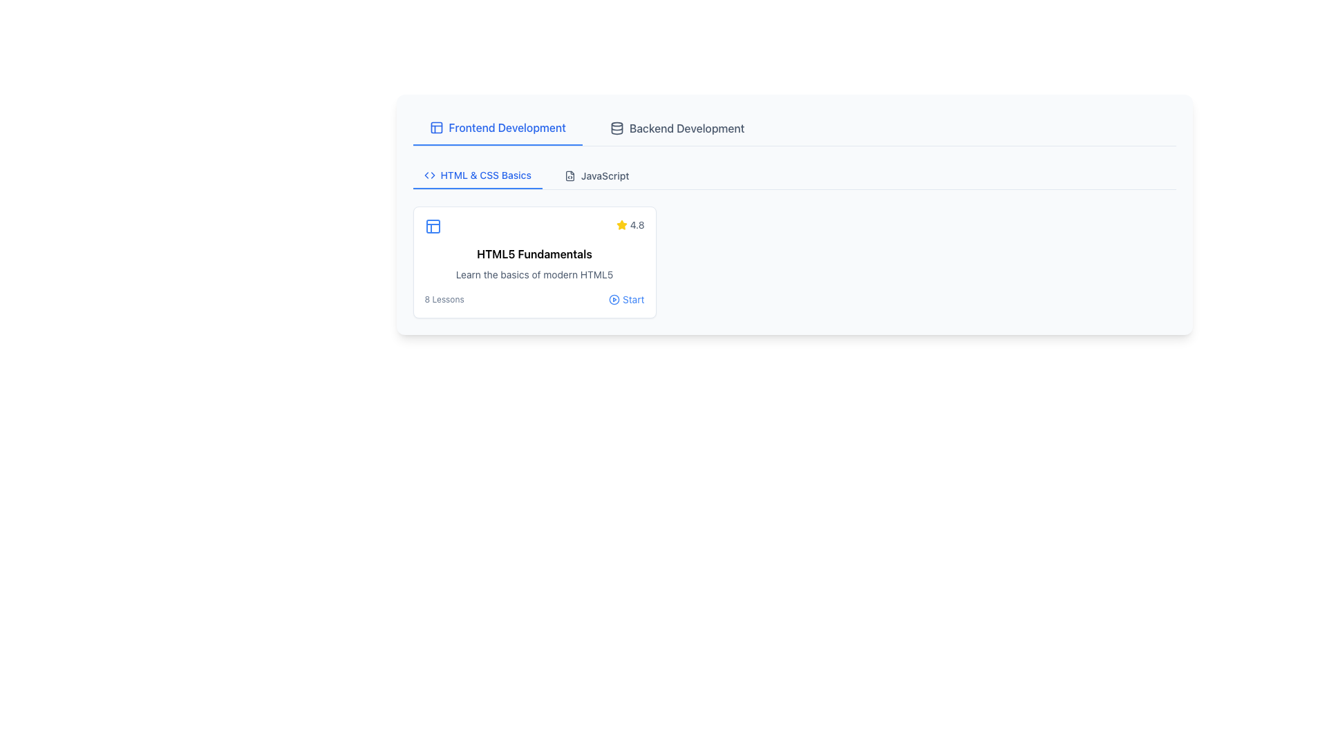  What do you see at coordinates (630, 224) in the screenshot?
I see `the composite element displaying the rating of the 'HTML5 Fundamentals' course, which combines a visual star representation with a numerical rating, located at the top-right corner of the card` at bounding box center [630, 224].